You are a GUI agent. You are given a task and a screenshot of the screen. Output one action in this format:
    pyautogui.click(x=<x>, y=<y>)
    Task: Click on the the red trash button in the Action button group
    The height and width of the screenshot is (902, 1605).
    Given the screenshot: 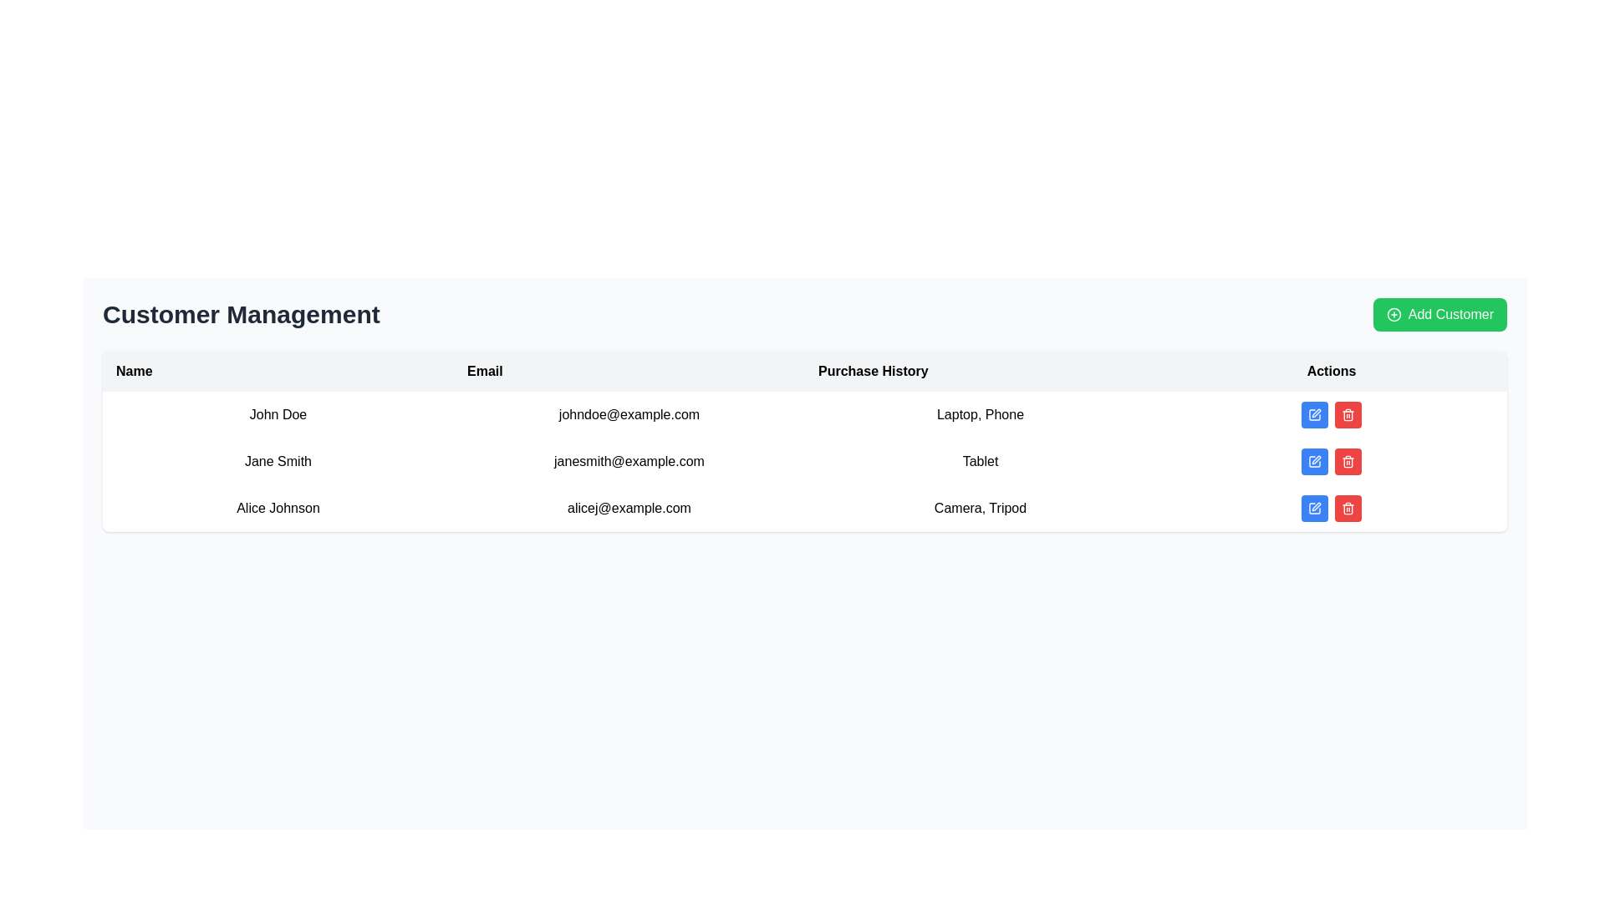 What is the action you would take?
    pyautogui.click(x=1331, y=414)
    